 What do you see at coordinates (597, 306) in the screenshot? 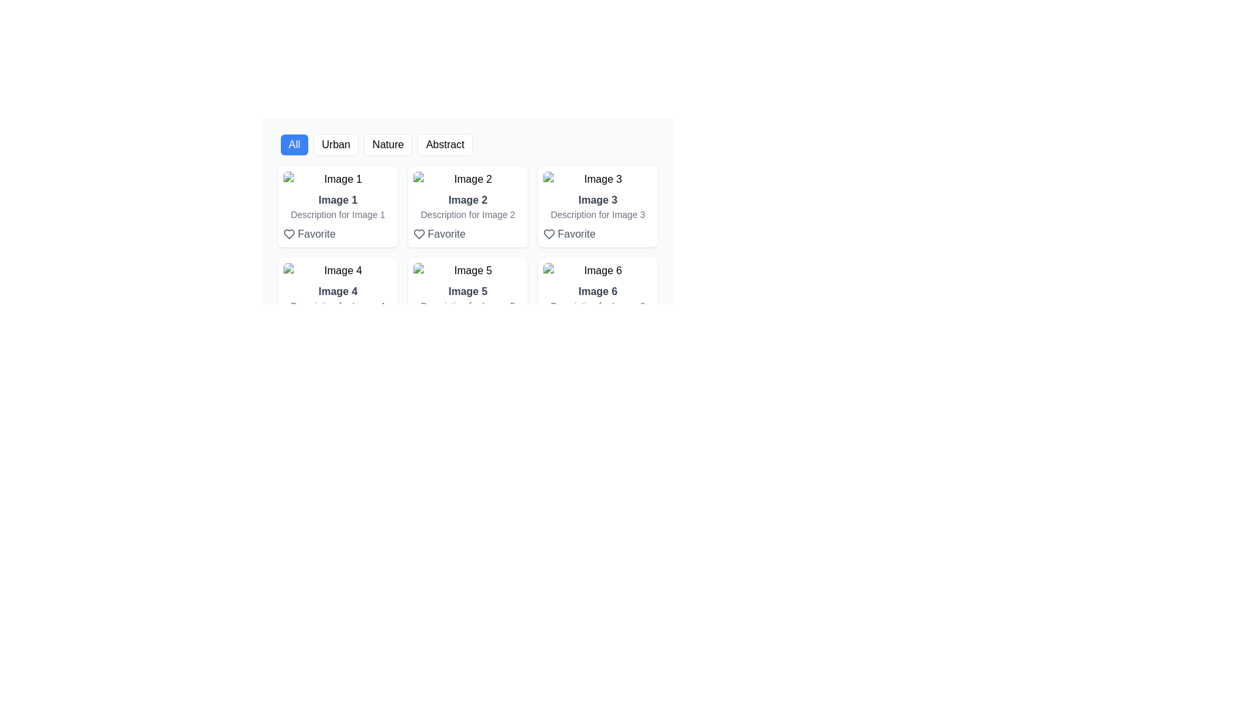
I see `supplementary text element displaying 'Description for Image 6', which is styled with a smaller font and gray color, located below the title 'Image 6' and above the 'Favorite' section` at bounding box center [597, 306].